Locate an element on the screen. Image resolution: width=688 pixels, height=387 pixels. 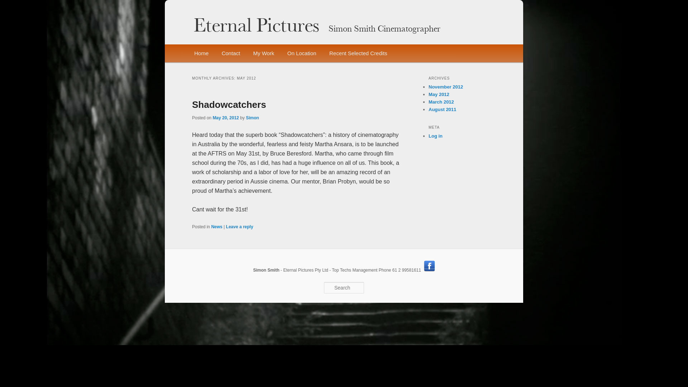
'Recent Selected Credits' is located at coordinates (358, 53).